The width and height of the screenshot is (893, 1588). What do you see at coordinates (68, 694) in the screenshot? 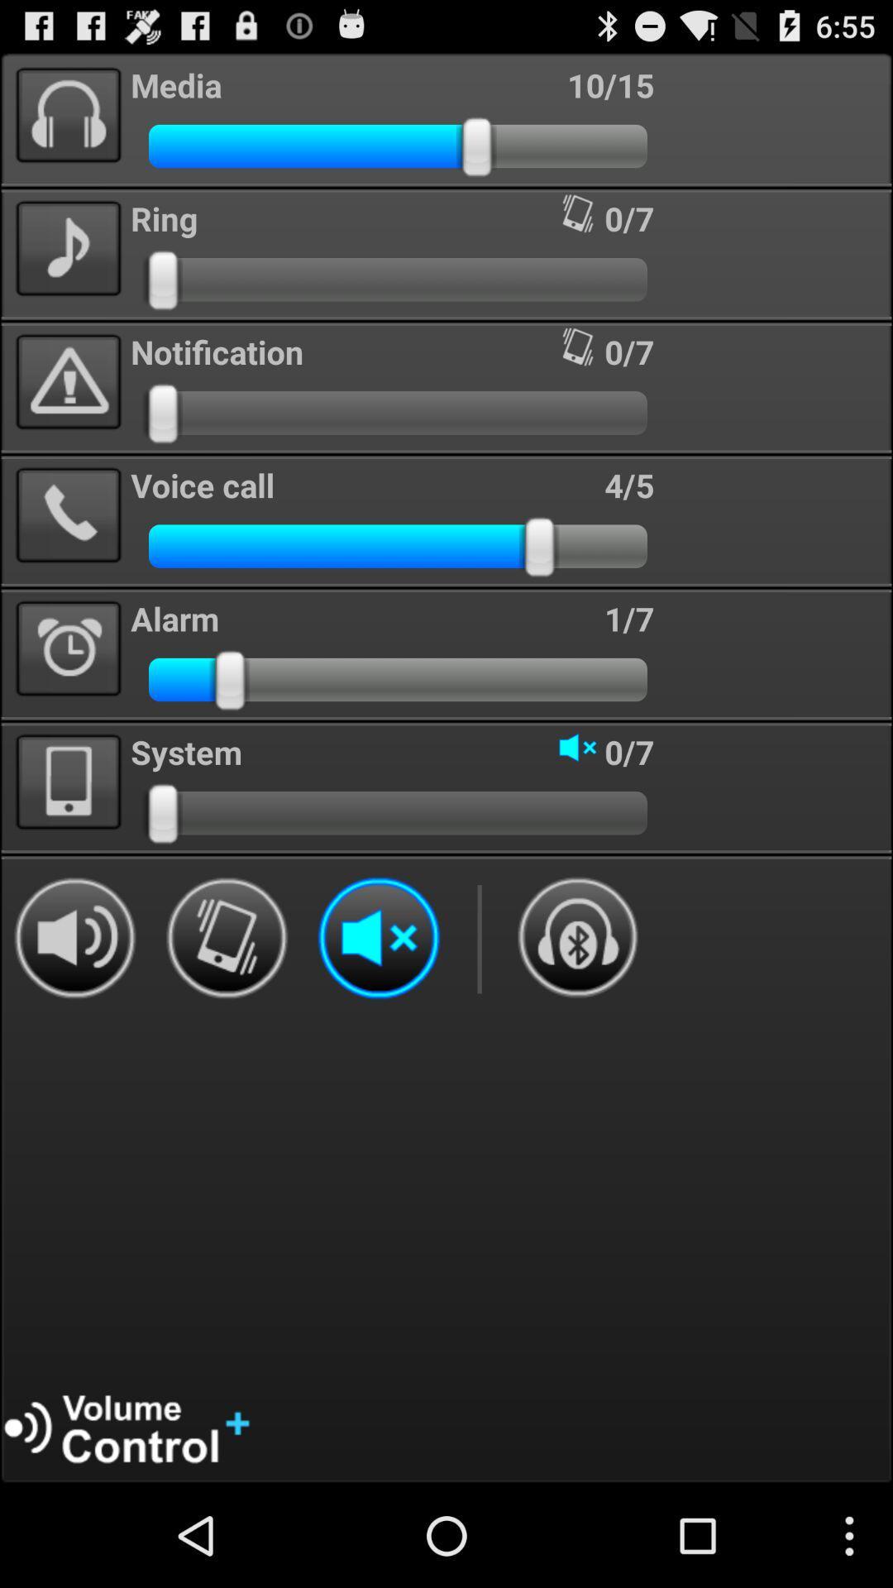
I see `the time icon` at bounding box center [68, 694].